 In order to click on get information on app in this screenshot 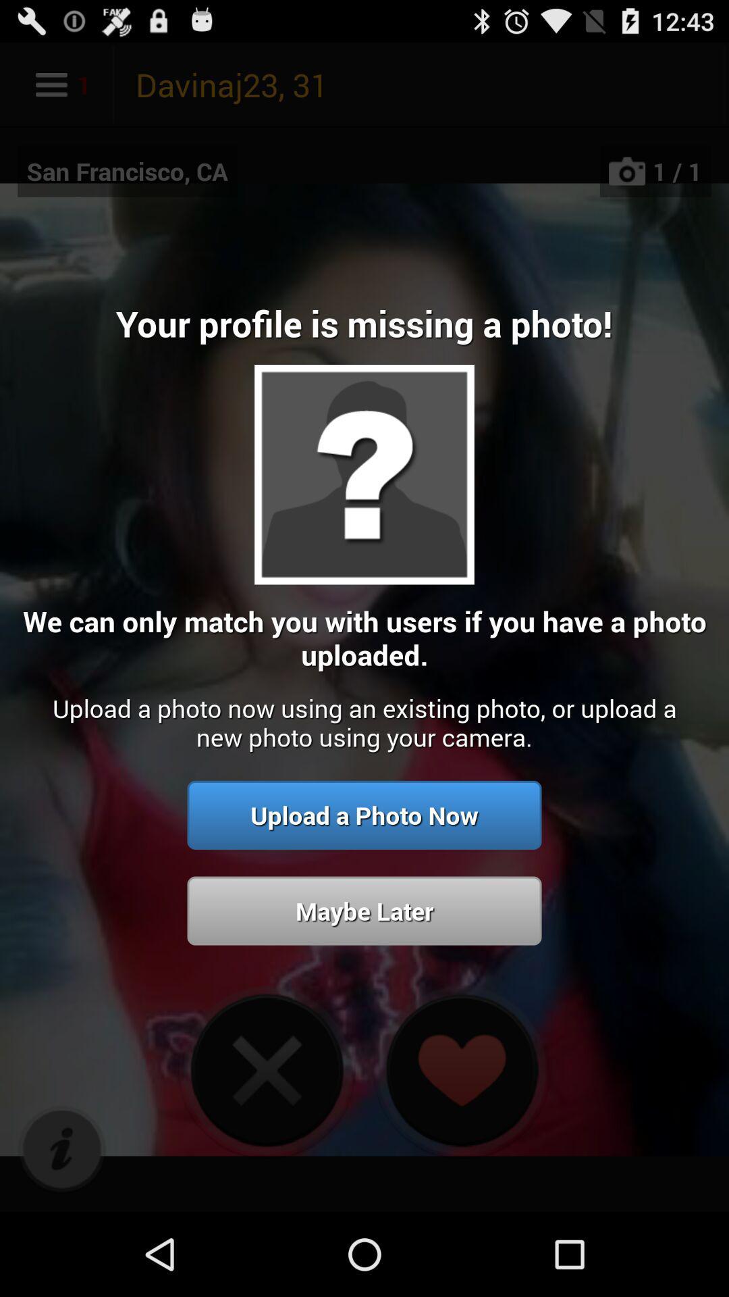, I will do `click(61, 1149)`.